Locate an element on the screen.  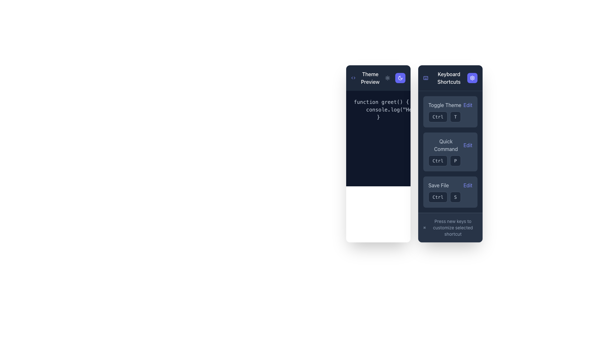
the indigo square icon resembling angle brackets ('<>') located to the left of the 'Theme Preview' text is located at coordinates (353, 78).